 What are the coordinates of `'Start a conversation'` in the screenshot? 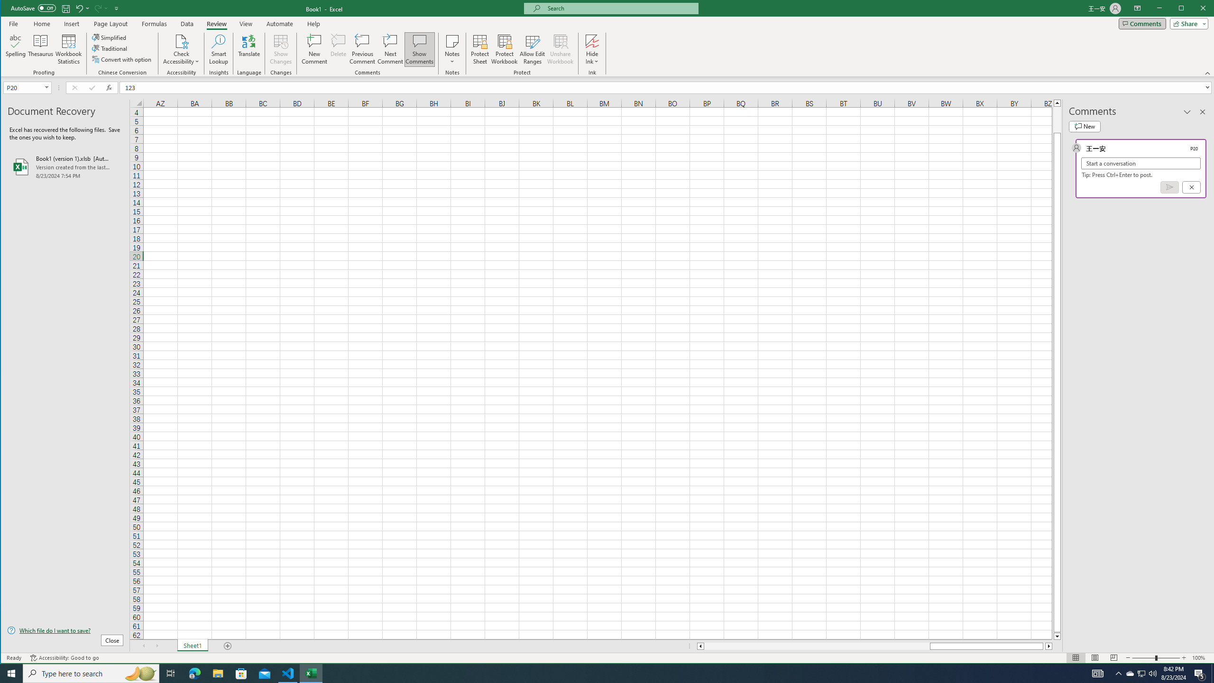 It's located at (1140, 163).